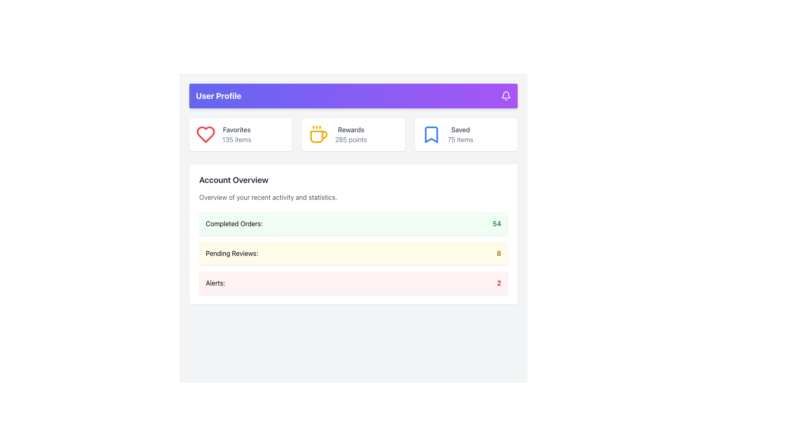 Image resolution: width=792 pixels, height=445 pixels. I want to click on the Info card that has a white background, a blue bookmark icon on the left, and the text 'Saved' in bold followed by '75 items', so click(466, 134).